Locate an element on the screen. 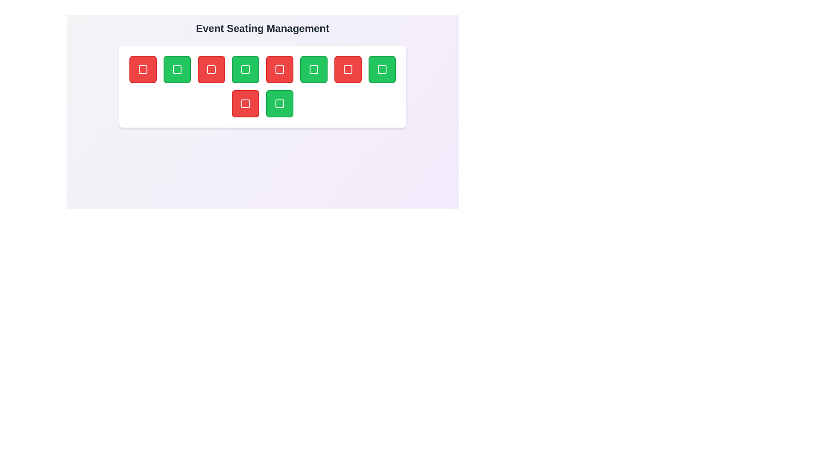 The image size is (820, 461). the red button labeled 'Seat 1', which serves as a seating selection option and is likely currently selected or unavailable is located at coordinates (143, 69).